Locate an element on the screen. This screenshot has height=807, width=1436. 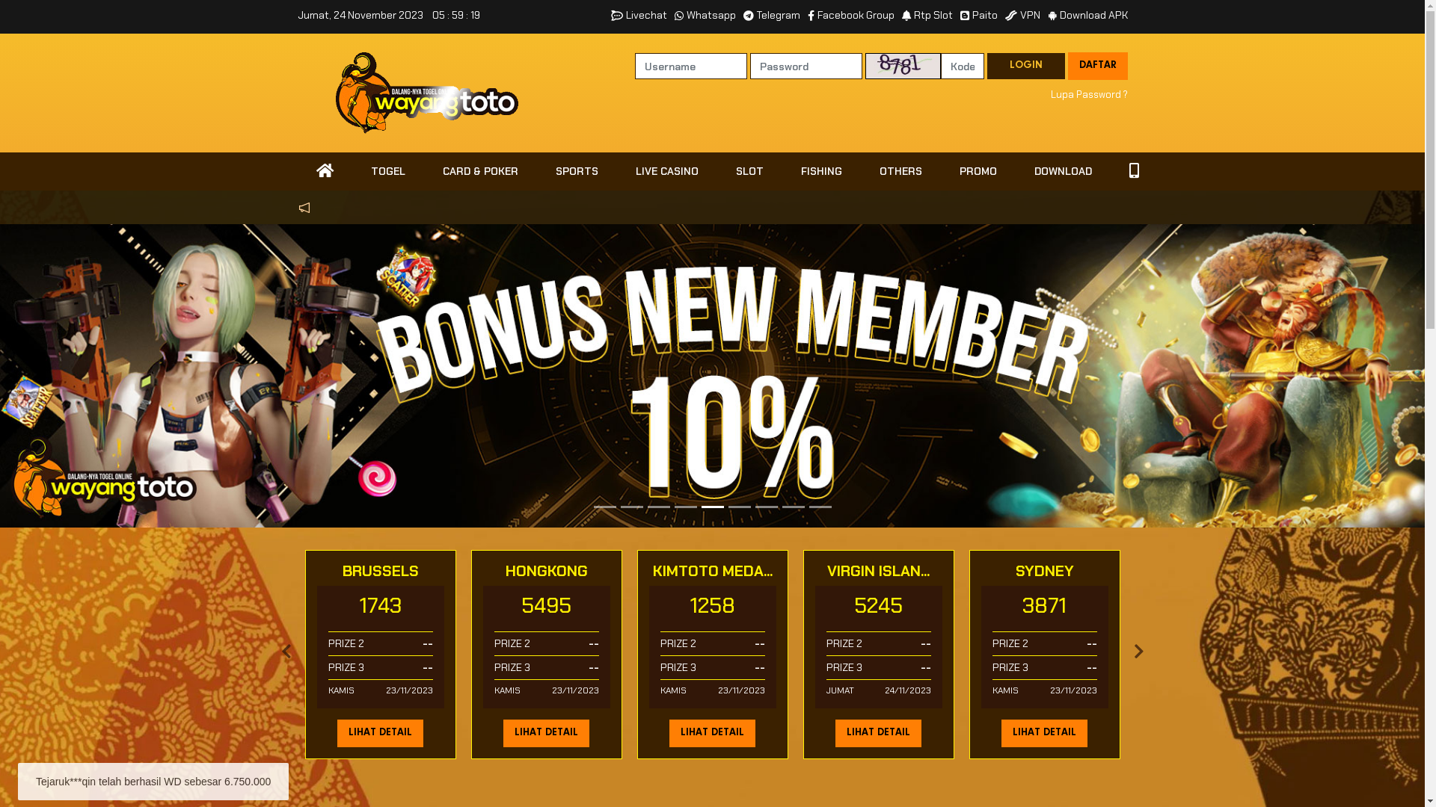
'LOGIN' is located at coordinates (987, 65).